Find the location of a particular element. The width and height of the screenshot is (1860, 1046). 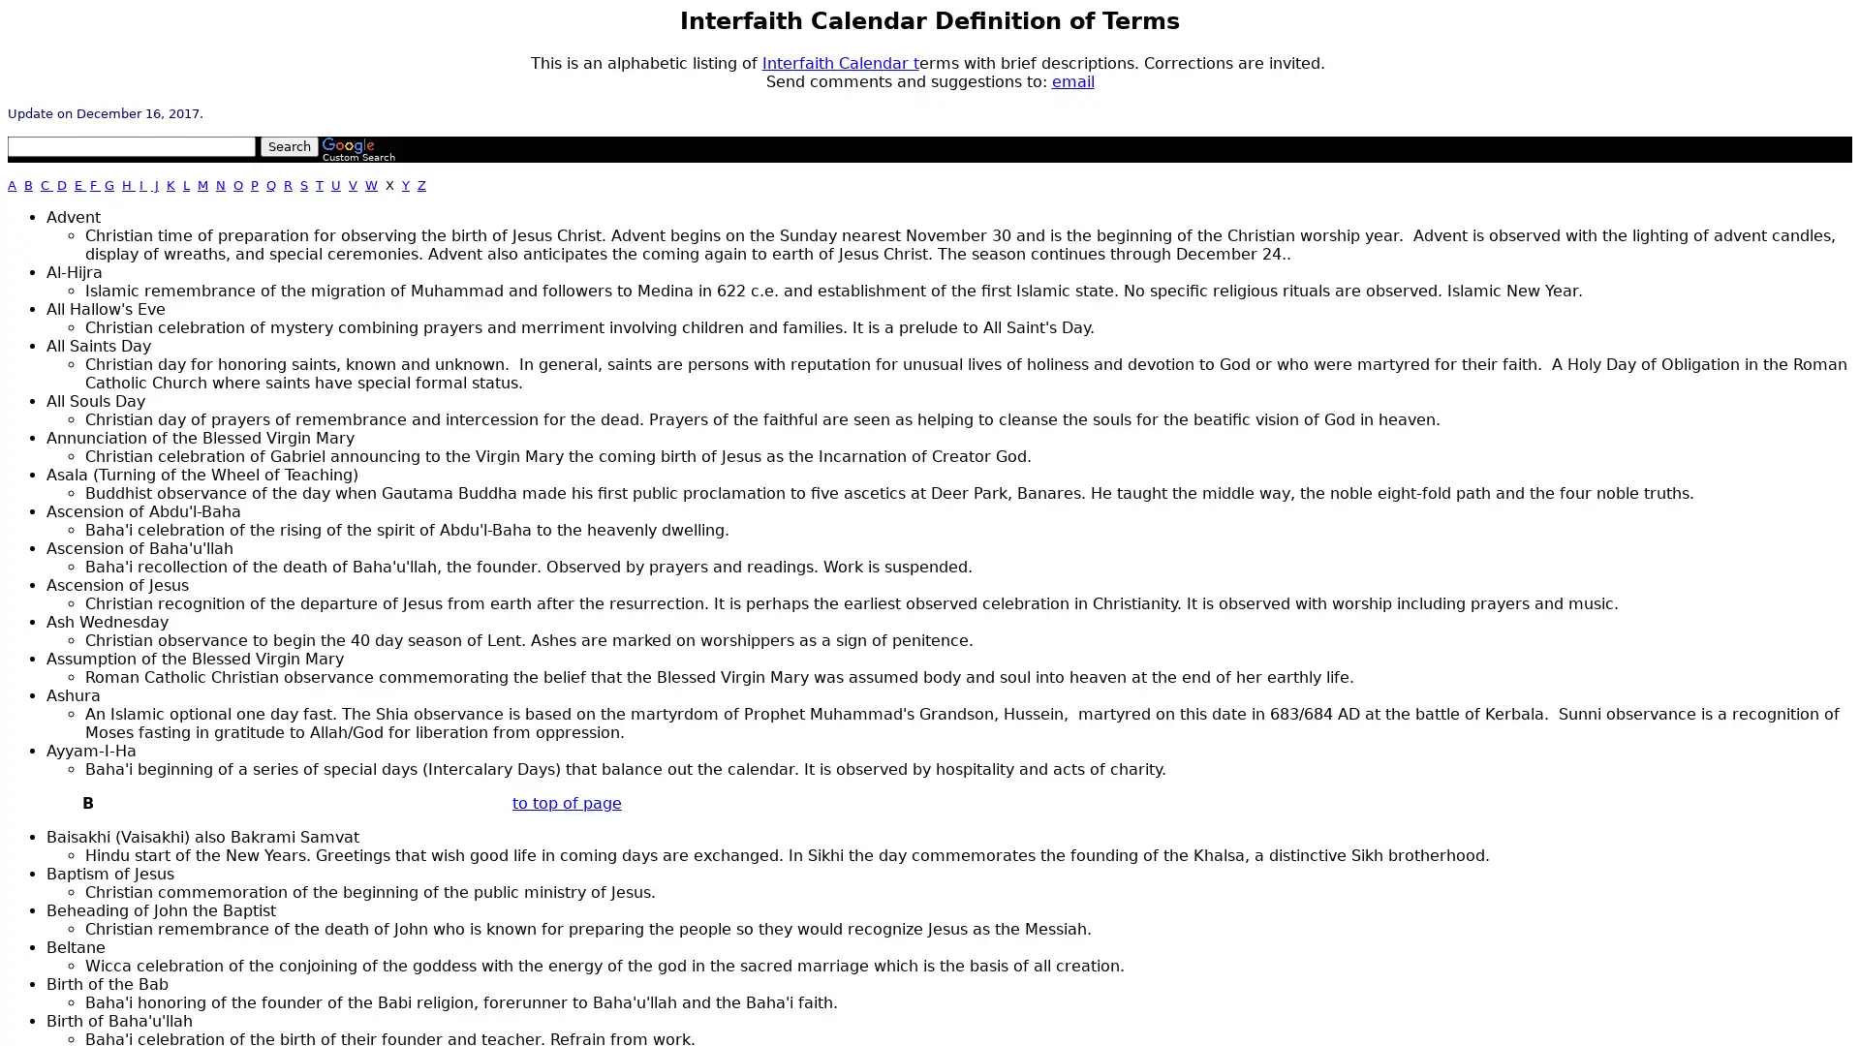

Search is located at coordinates (288, 144).